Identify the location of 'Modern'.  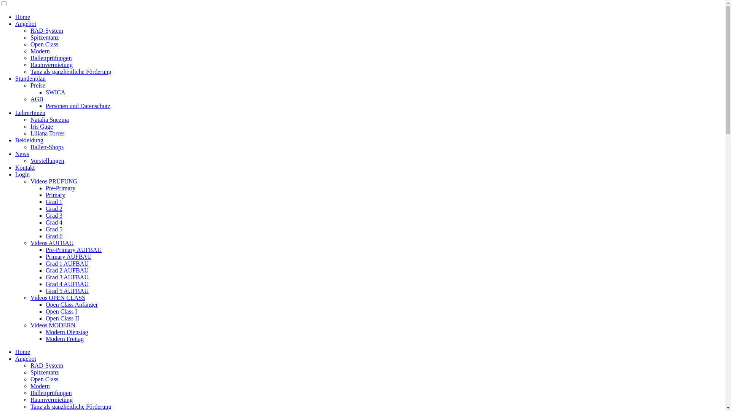
(40, 51).